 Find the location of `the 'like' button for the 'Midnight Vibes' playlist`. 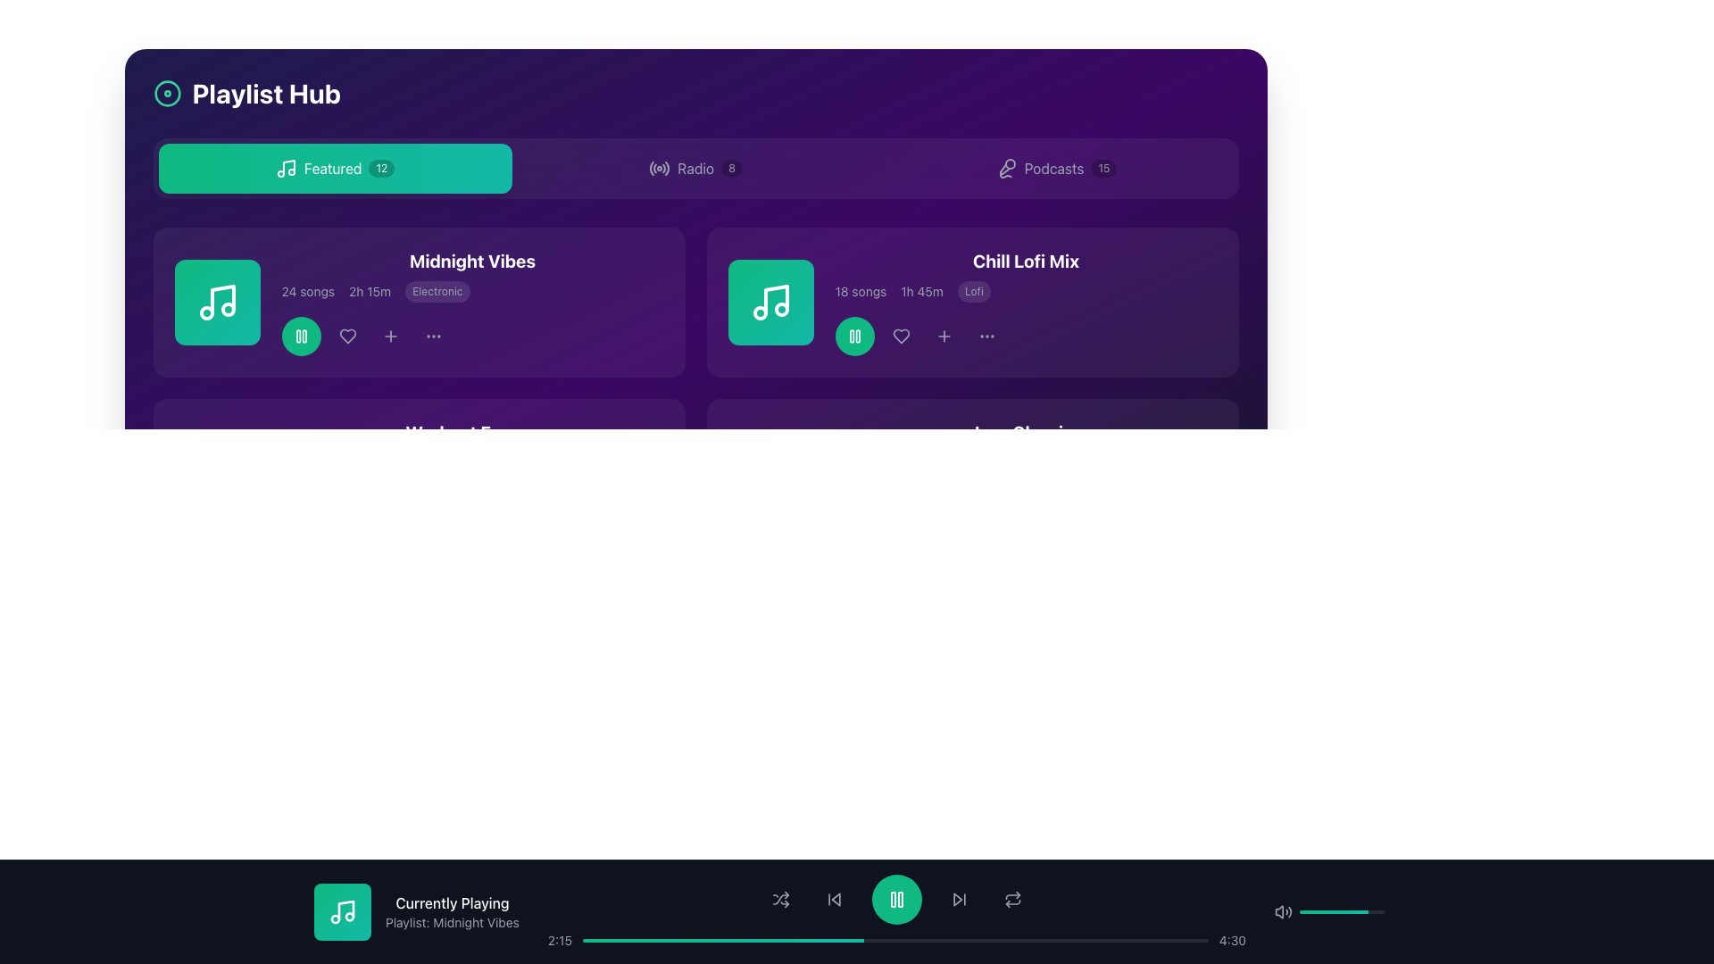

the 'like' button for the 'Midnight Vibes' playlist is located at coordinates (347, 337).